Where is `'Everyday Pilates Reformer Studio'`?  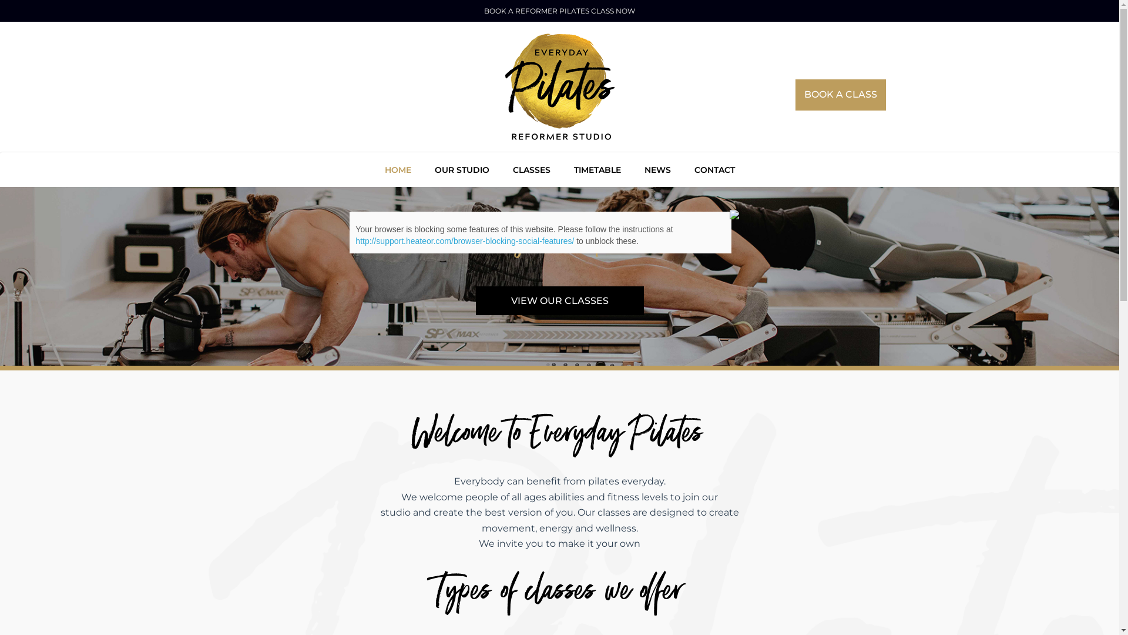 'Everyday Pilates Reformer Studio' is located at coordinates (559, 86).